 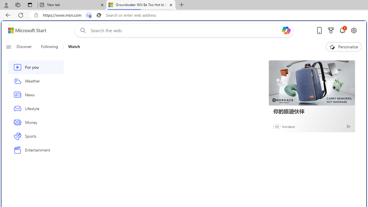 I want to click on 'Ad Choice', so click(x=348, y=126).